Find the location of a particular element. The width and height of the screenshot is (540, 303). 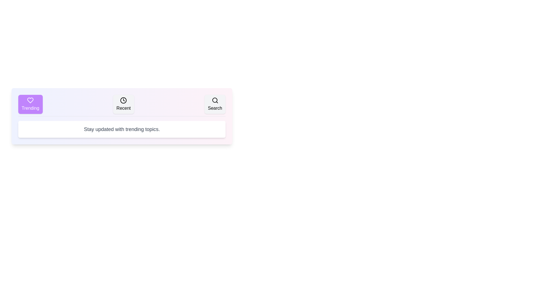

the tab button labeled Recent is located at coordinates (123, 104).